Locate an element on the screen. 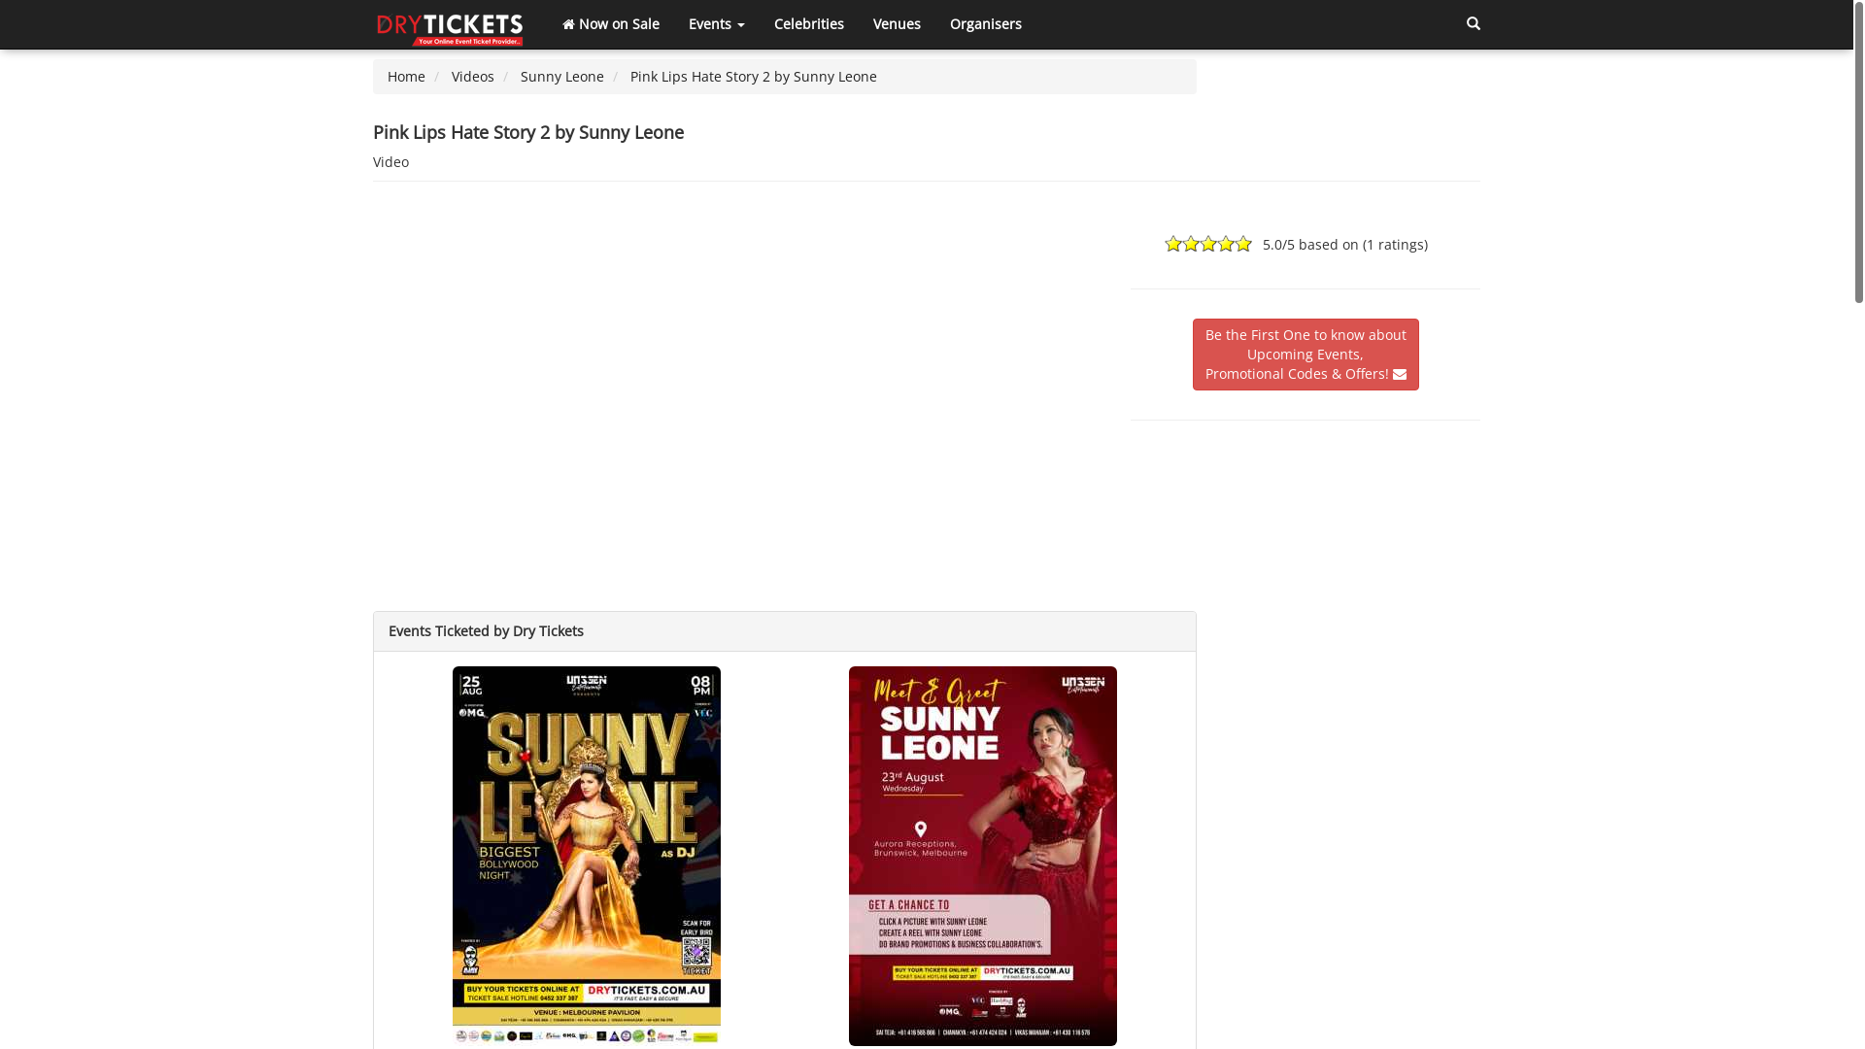 The height and width of the screenshot is (1049, 1865). 'Venues' is located at coordinates (857, 23).